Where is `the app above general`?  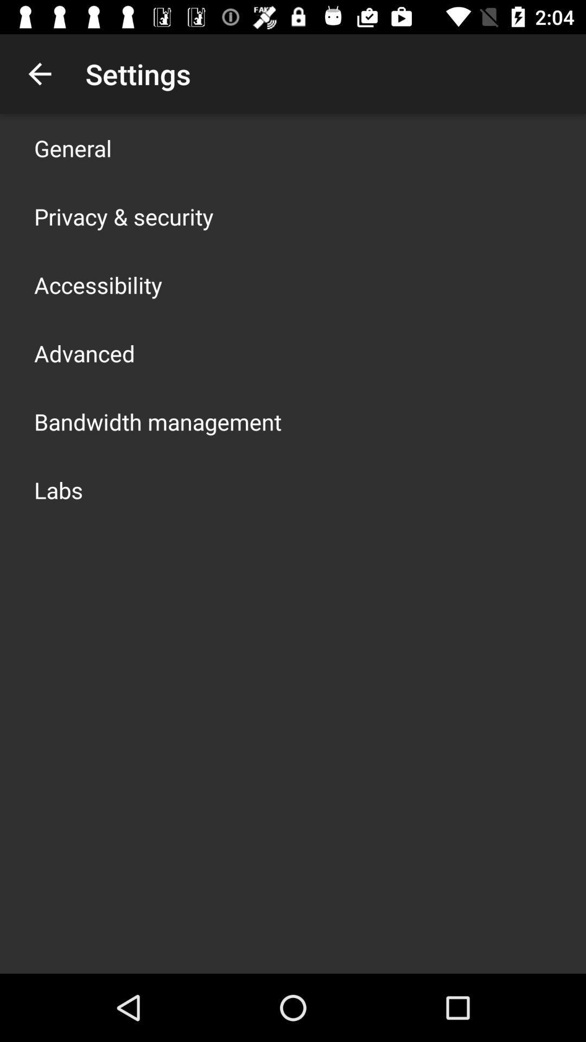 the app above general is located at coordinates (39, 73).